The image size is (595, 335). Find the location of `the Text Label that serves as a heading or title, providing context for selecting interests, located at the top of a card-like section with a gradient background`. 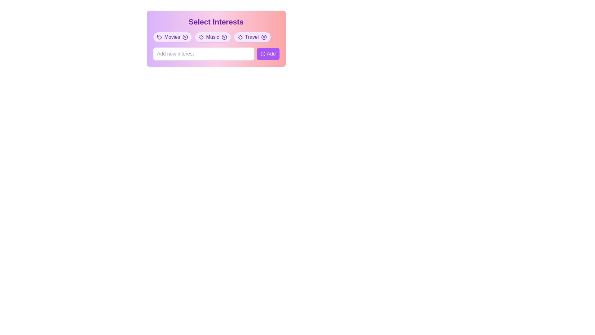

the Text Label that serves as a heading or title, providing context for selecting interests, located at the top of a card-like section with a gradient background is located at coordinates (216, 21).